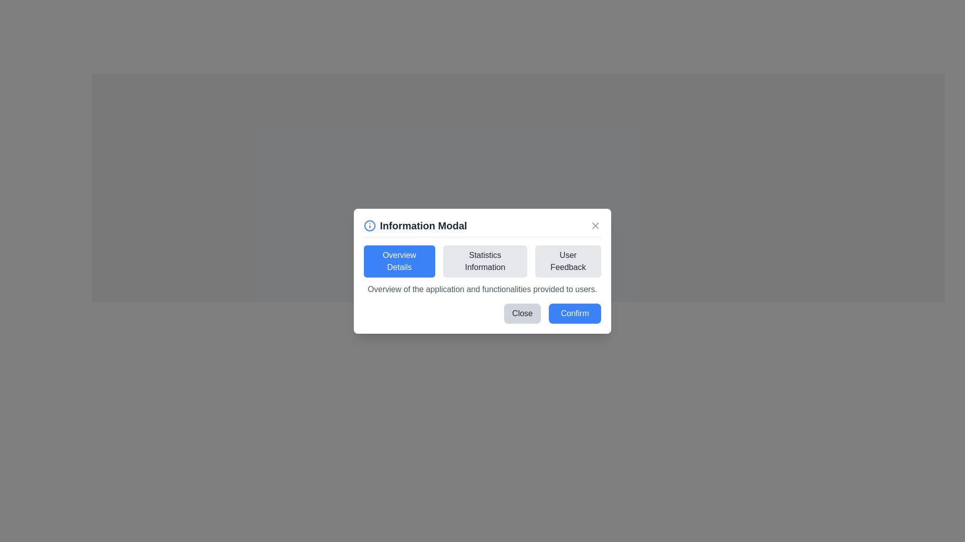 The width and height of the screenshot is (965, 542). Describe the element at coordinates (574, 313) in the screenshot. I see `the 'Confirm' button, which is a rounded rectangular button with a bright blue background and white text, located on the right side of the modal footer` at that location.